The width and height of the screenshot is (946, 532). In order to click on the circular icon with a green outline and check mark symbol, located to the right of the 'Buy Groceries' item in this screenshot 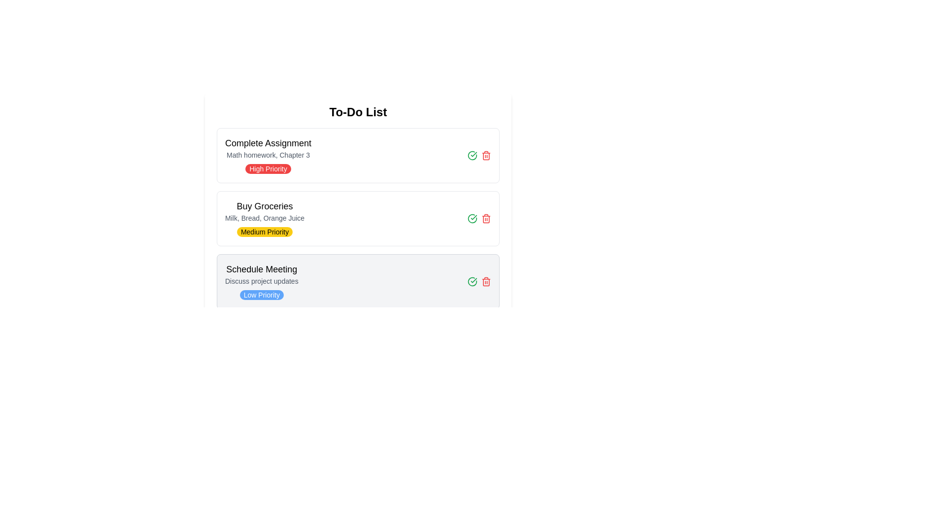, I will do `click(472, 155)`.